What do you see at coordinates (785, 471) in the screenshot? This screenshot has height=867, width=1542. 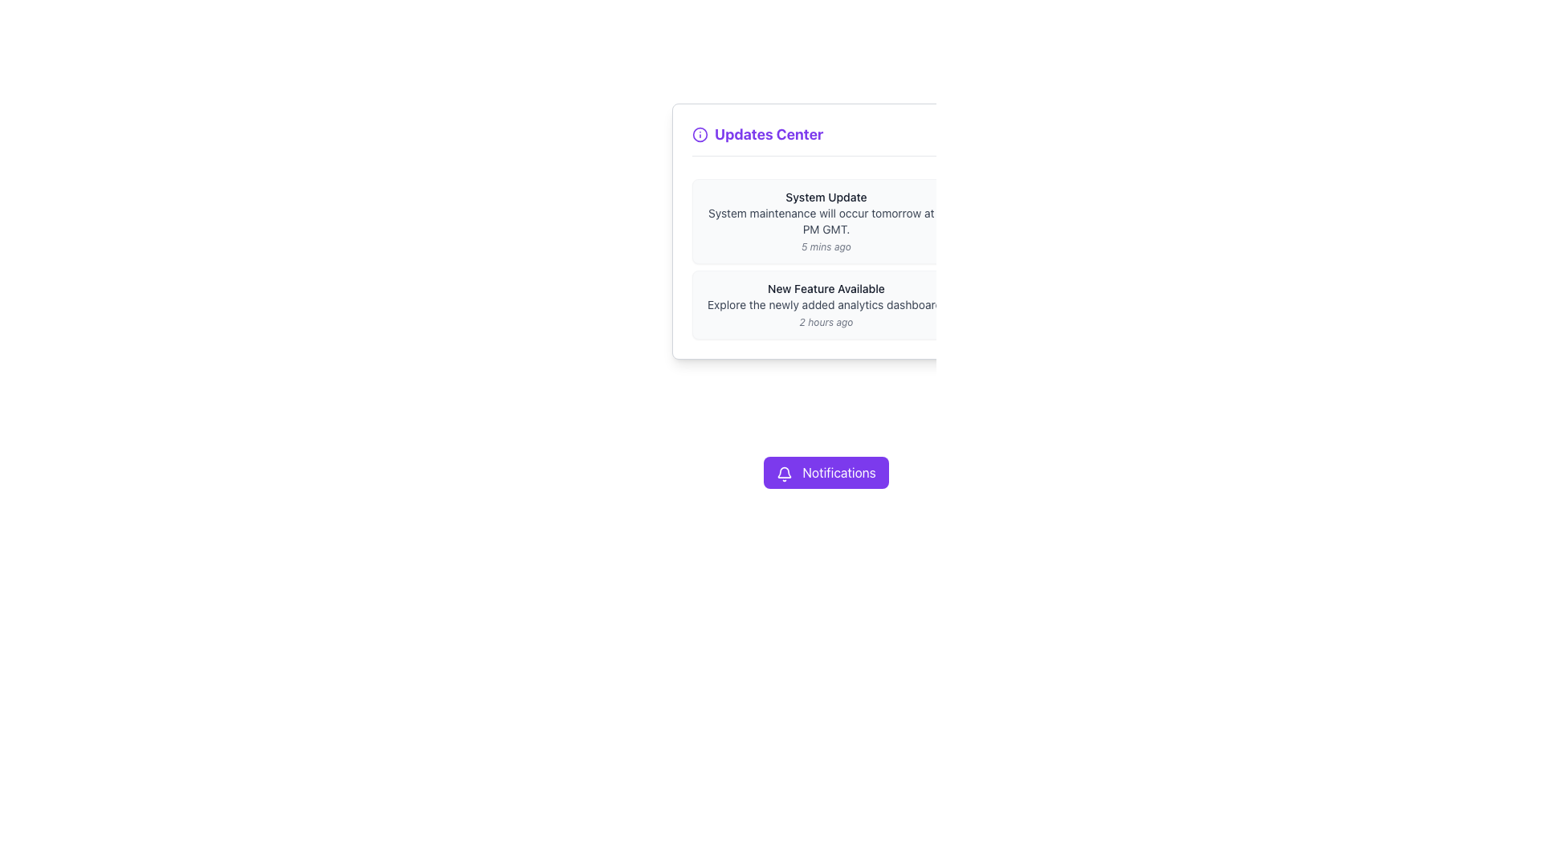 I see `the Notification Bell icon, which is part of a purple rectangular button labeled 'Notifications' at the bottom of the interface` at bounding box center [785, 471].